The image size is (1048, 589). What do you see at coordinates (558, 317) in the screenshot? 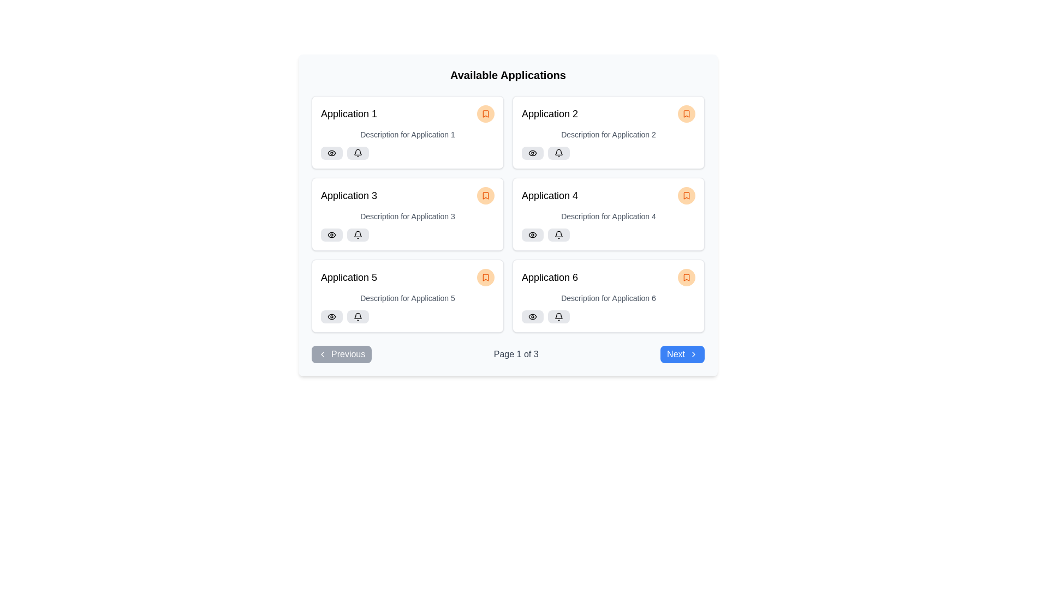
I see `the bell-shaped icon button, which is the second button in the horizontal set within the Application 6 card, located on the bottom-right of the page` at bounding box center [558, 317].